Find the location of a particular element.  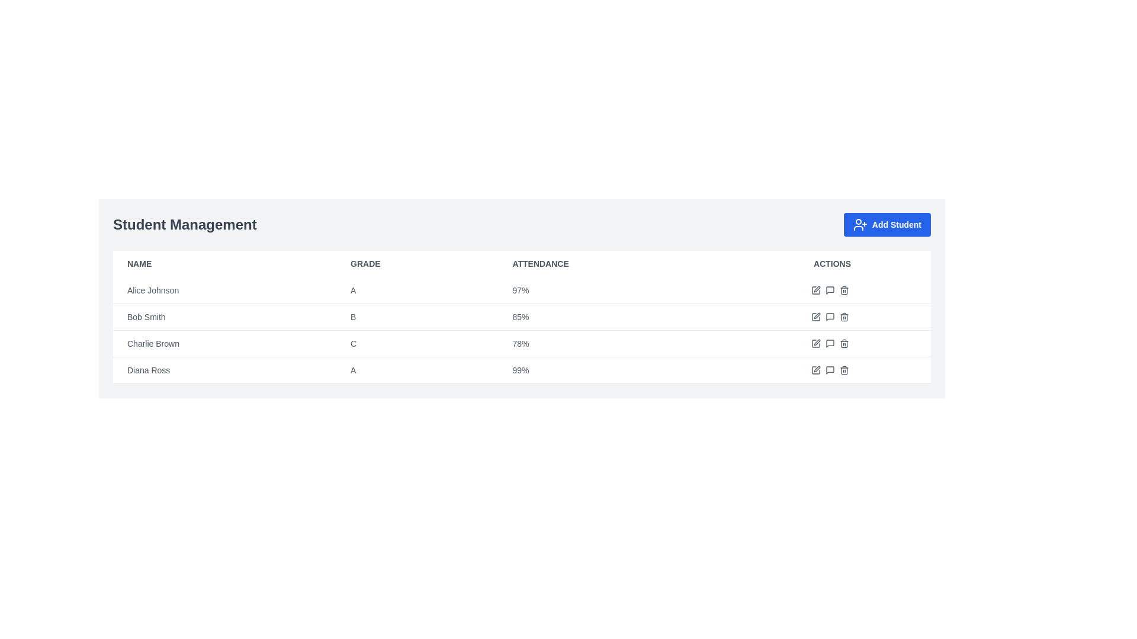

the comment/message icon located in the last row of the table under the 'Actions' column, positioned between the pencil icon and the trash bin icon is located at coordinates (829, 369).